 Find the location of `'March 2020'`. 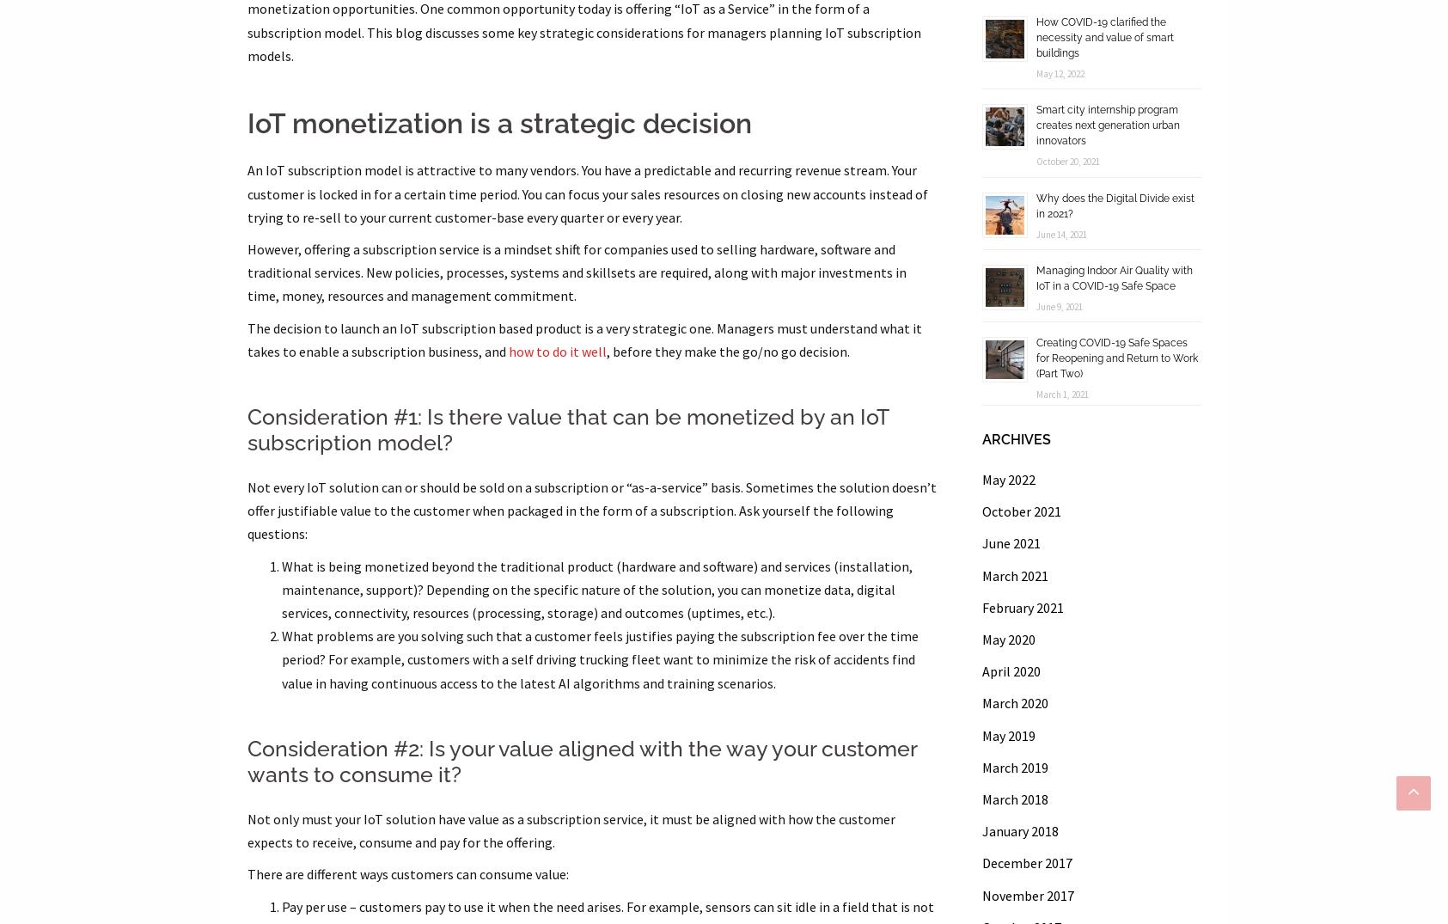

'March 2020' is located at coordinates (1014, 701).